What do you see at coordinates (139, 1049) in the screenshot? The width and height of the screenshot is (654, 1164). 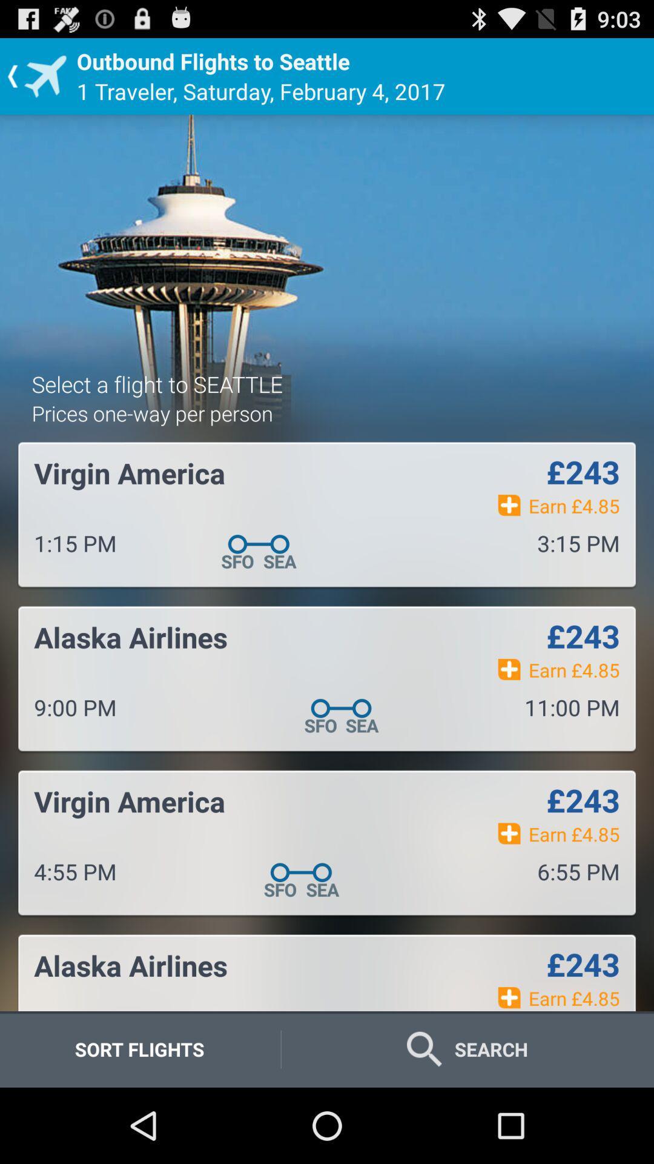 I see `the sort flights icon` at bounding box center [139, 1049].